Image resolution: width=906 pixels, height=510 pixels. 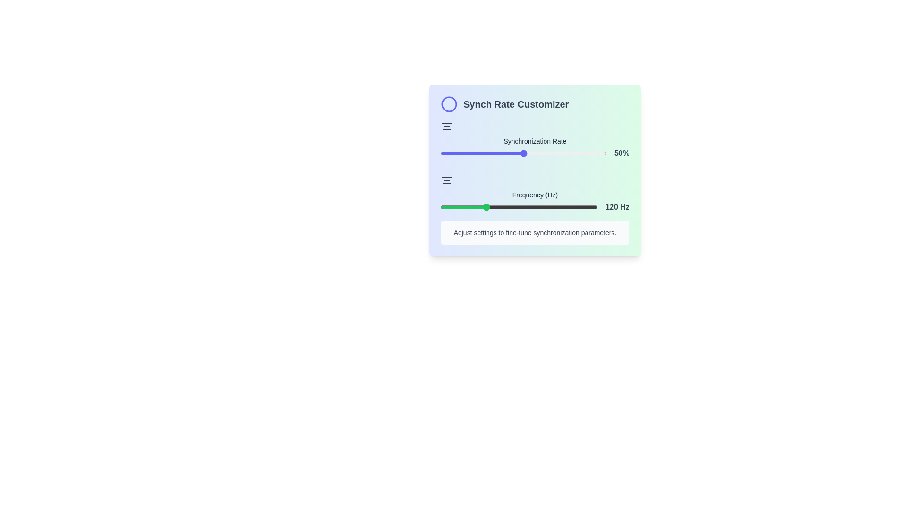 What do you see at coordinates (448, 104) in the screenshot?
I see `the circle icon in the header of the SynchRateCustomizer component` at bounding box center [448, 104].